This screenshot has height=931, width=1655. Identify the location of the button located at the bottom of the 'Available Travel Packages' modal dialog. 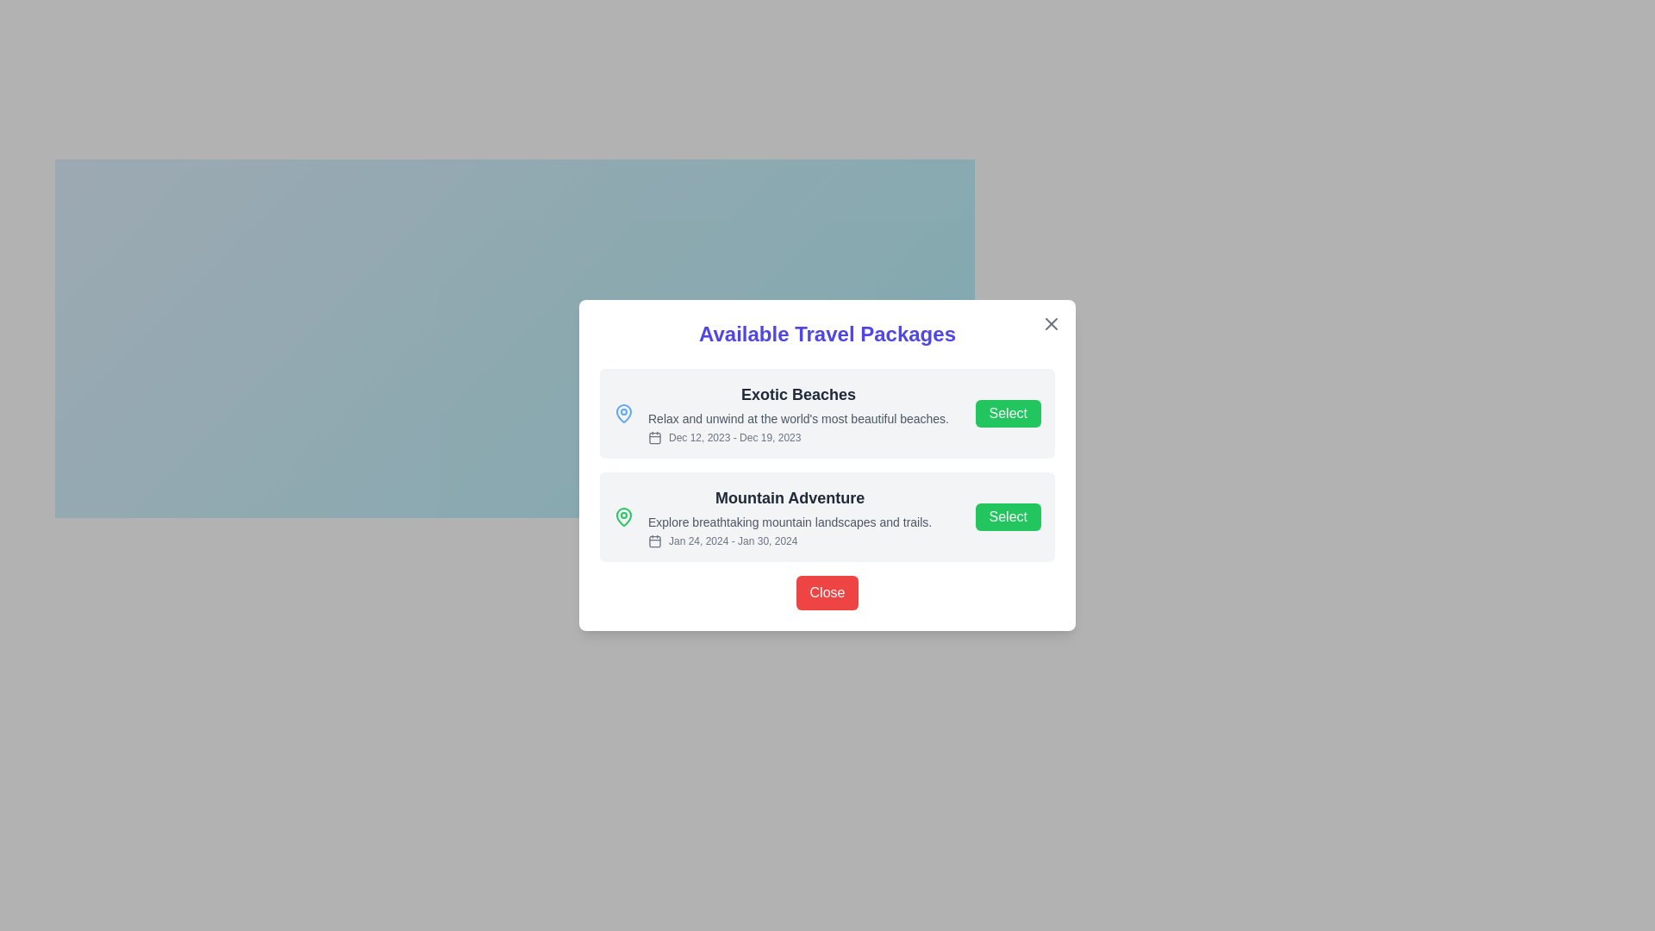
(827, 591).